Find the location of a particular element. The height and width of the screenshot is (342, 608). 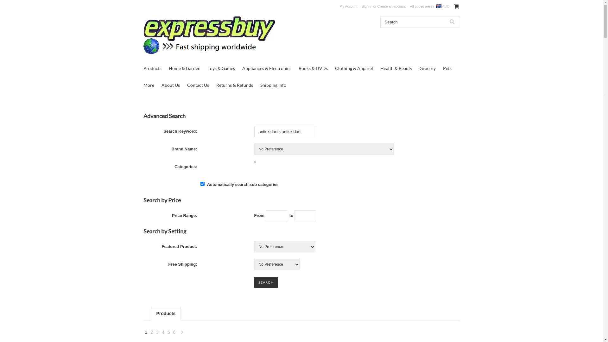

'Products' is located at coordinates (152, 68).